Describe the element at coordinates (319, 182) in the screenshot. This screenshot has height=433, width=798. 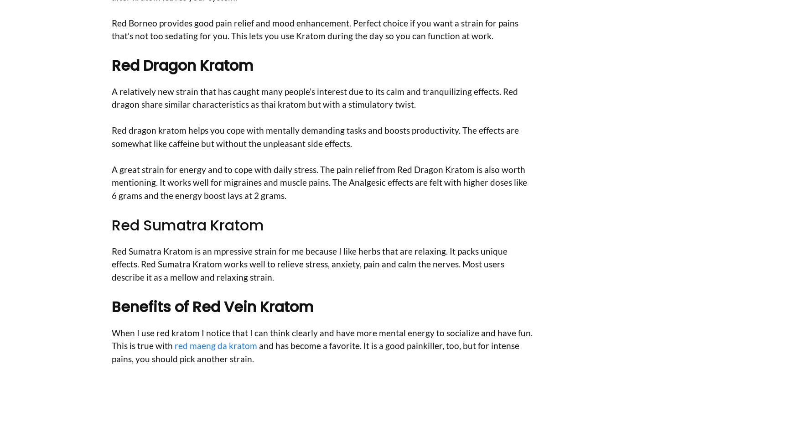
I see `'A great strain for energy and to cope with daily stress. The pain relief from Red Dragon Kratom is also worth mentioning. It works well for migraines and muscle pains. The Analgesic effects are felt with higher doses like 6 grams and the energy boost lays at 2 grams.'` at that location.